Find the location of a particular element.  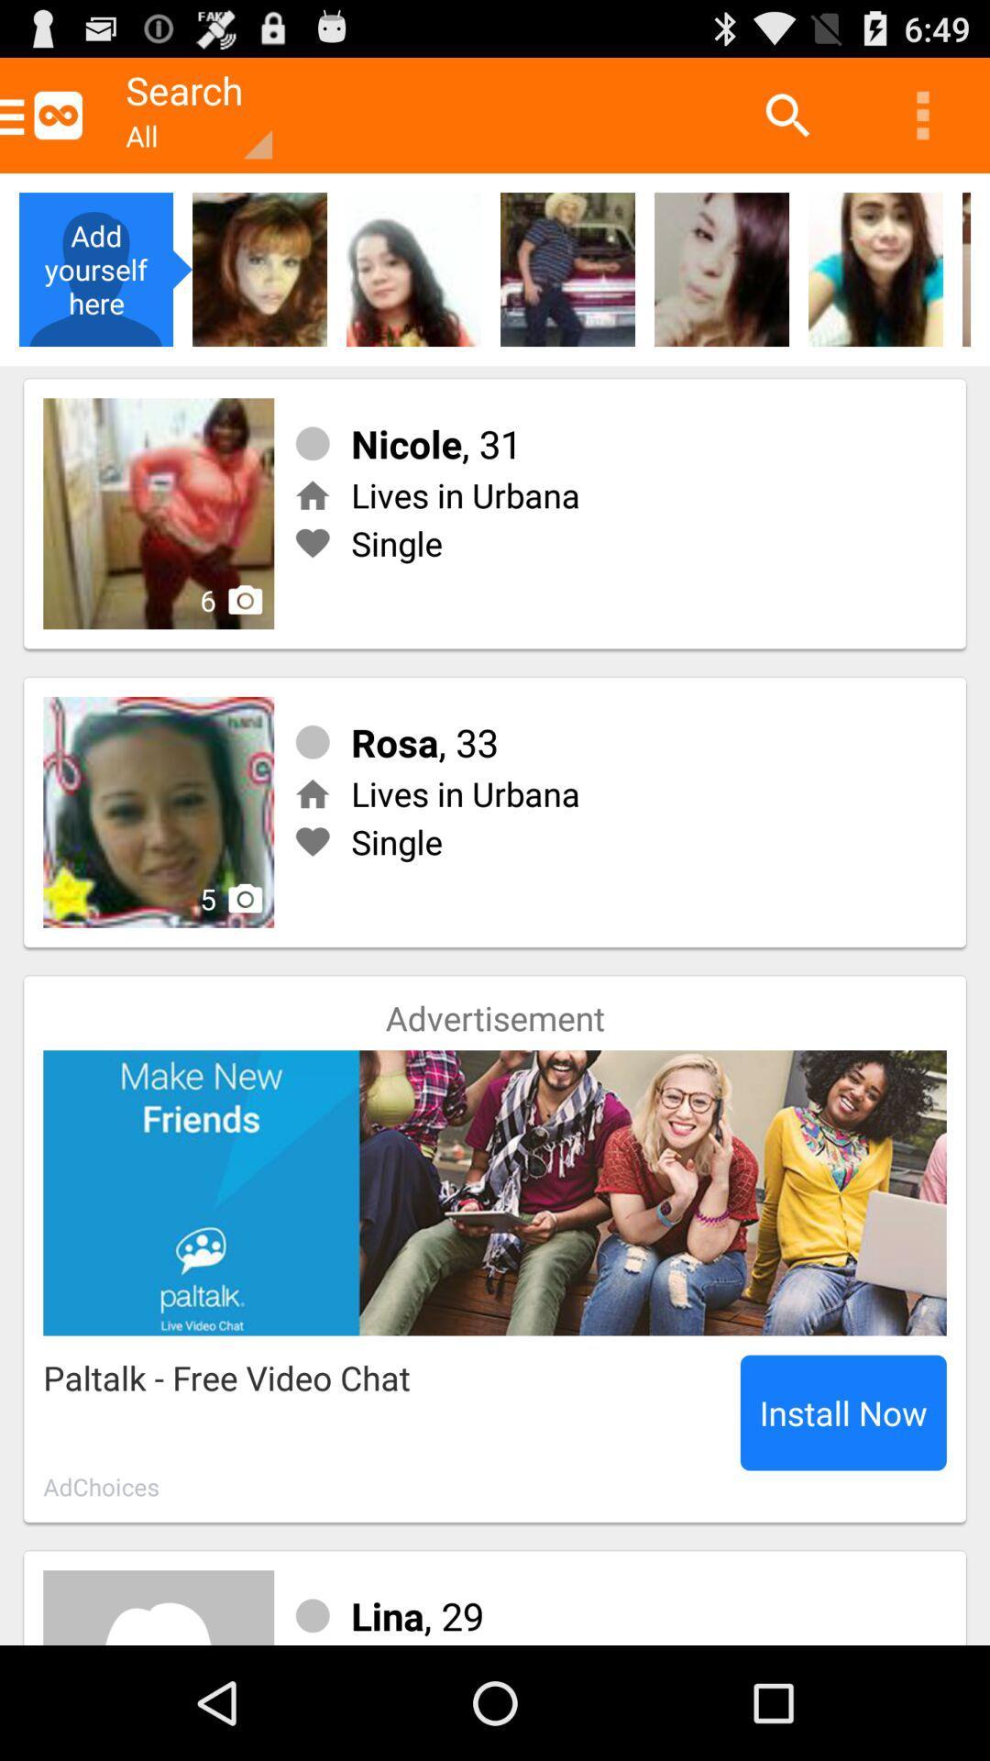

below the icon line is located at coordinates (720, 268).